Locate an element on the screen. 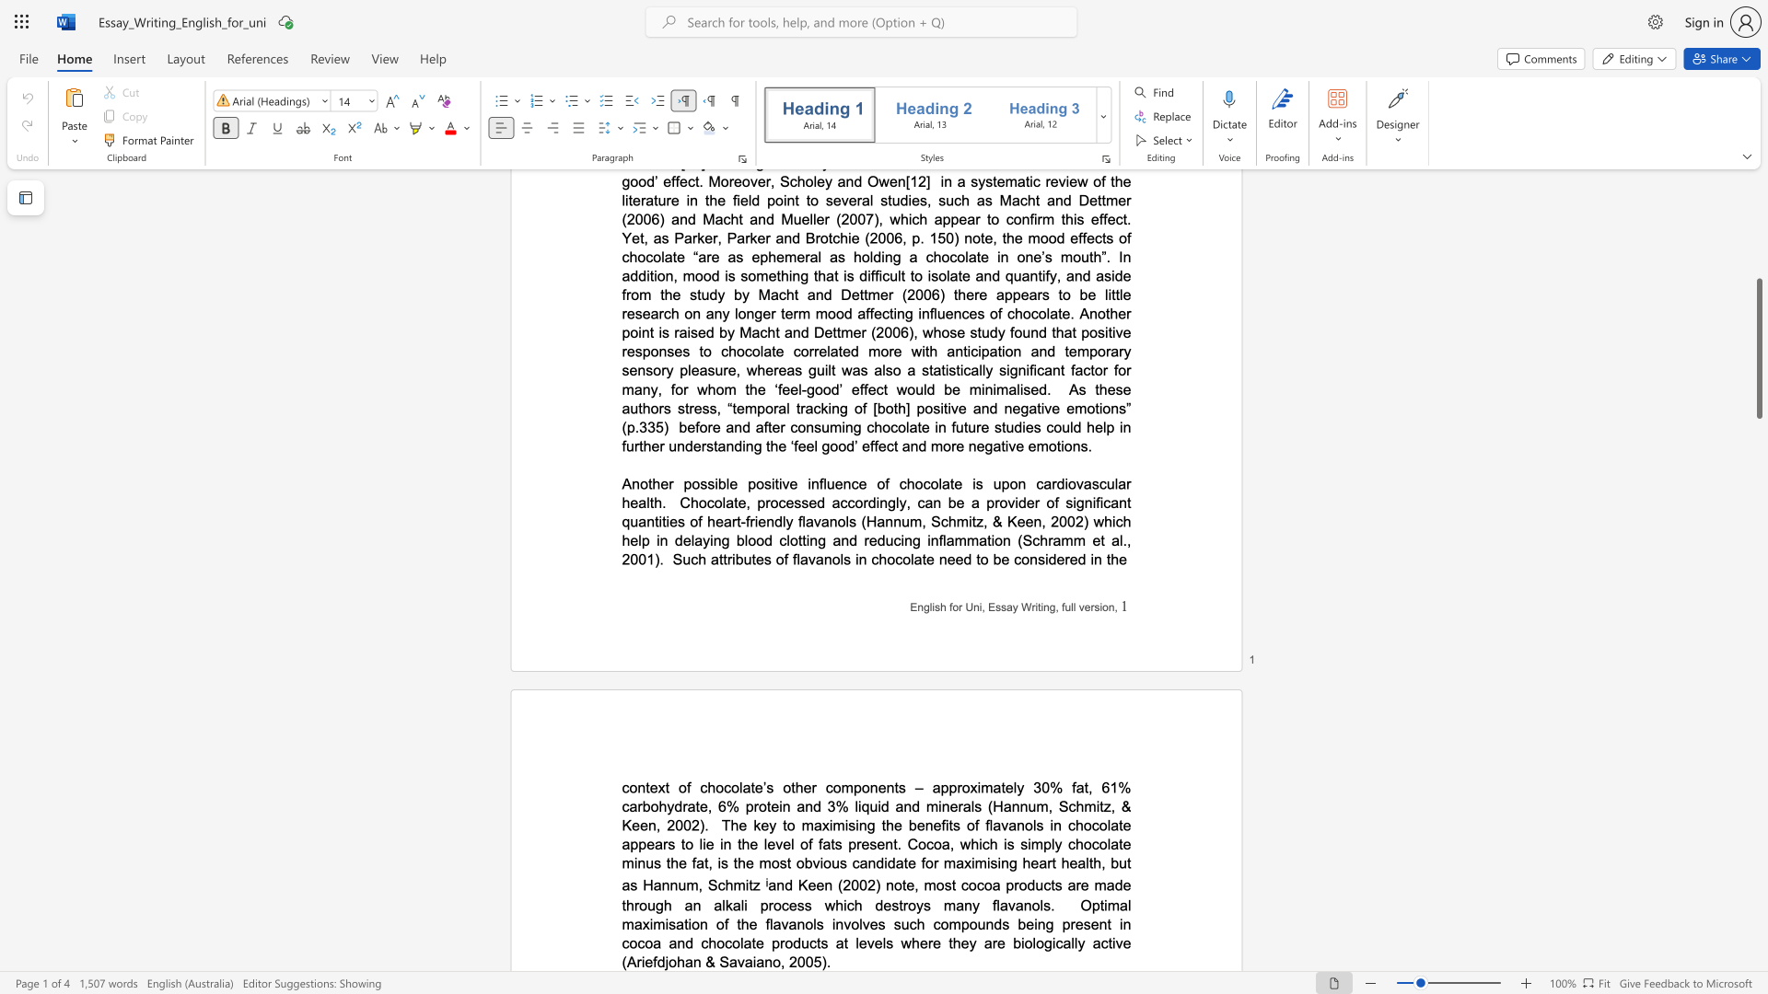 The image size is (1768, 994). the scrollbar on the right side to scroll the page up is located at coordinates (1758, 284).